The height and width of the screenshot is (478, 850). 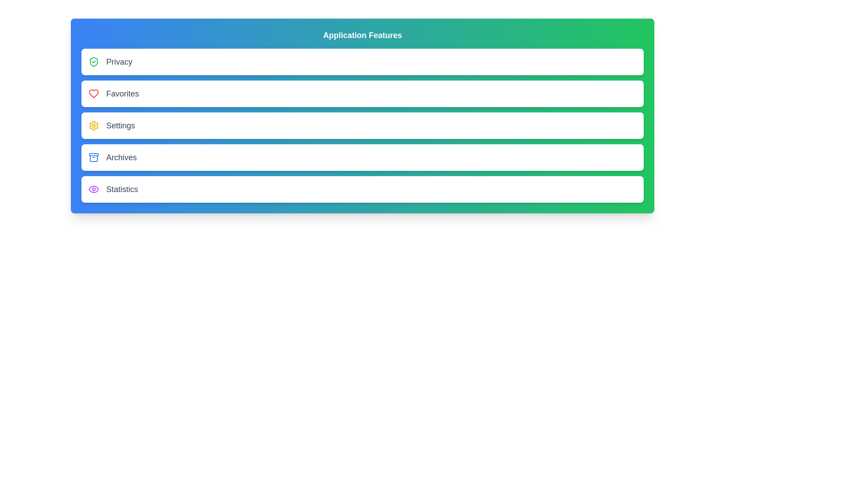 What do you see at coordinates (363, 189) in the screenshot?
I see `the menu item labeled Statistics` at bounding box center [363, 189].